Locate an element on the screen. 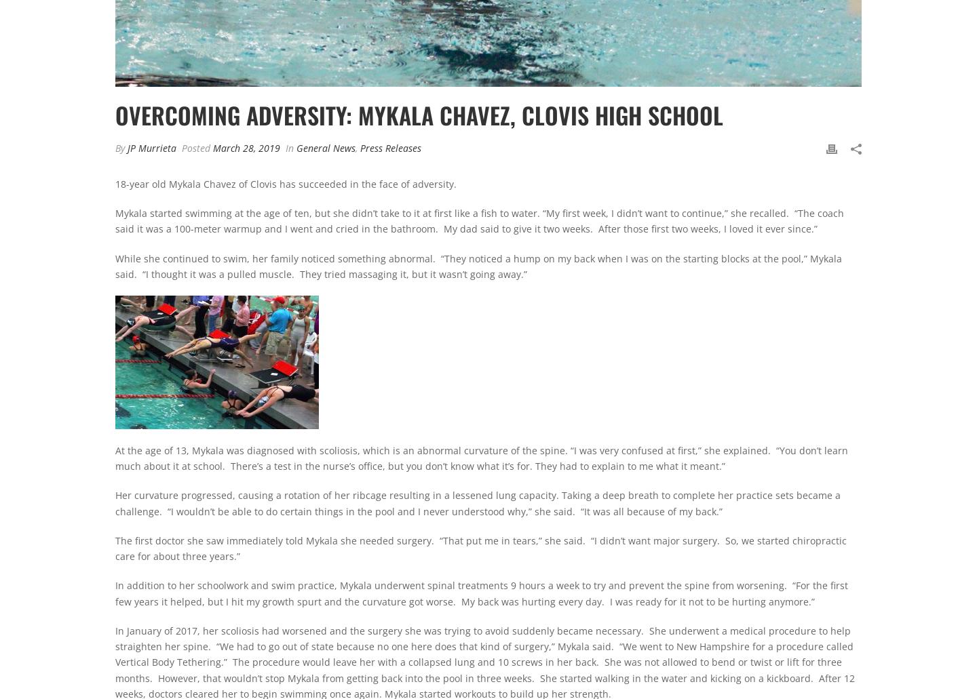 This screenshot has height=699, width=977. 'While she continued to swim, her family noticed something abnormal.  “They noticed a hump on my back when I was on the starting blocks at the pool,” Mykala said.  “I thought it was a pulled muscle.  They tried massaging it, but it wasn’t going away.”' is located at coordinates (478, 264).